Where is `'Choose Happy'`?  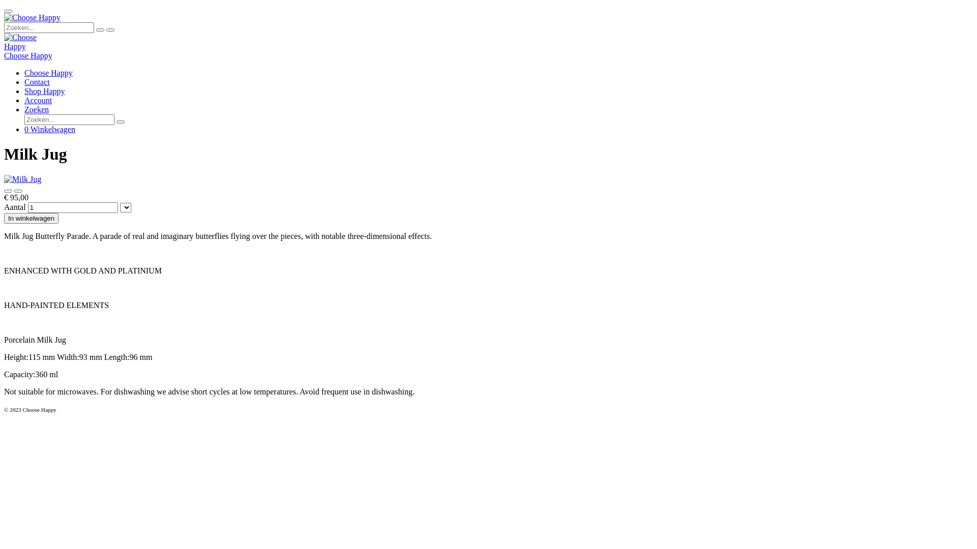 'Choose Happy' is located at coordinates (28, 55).